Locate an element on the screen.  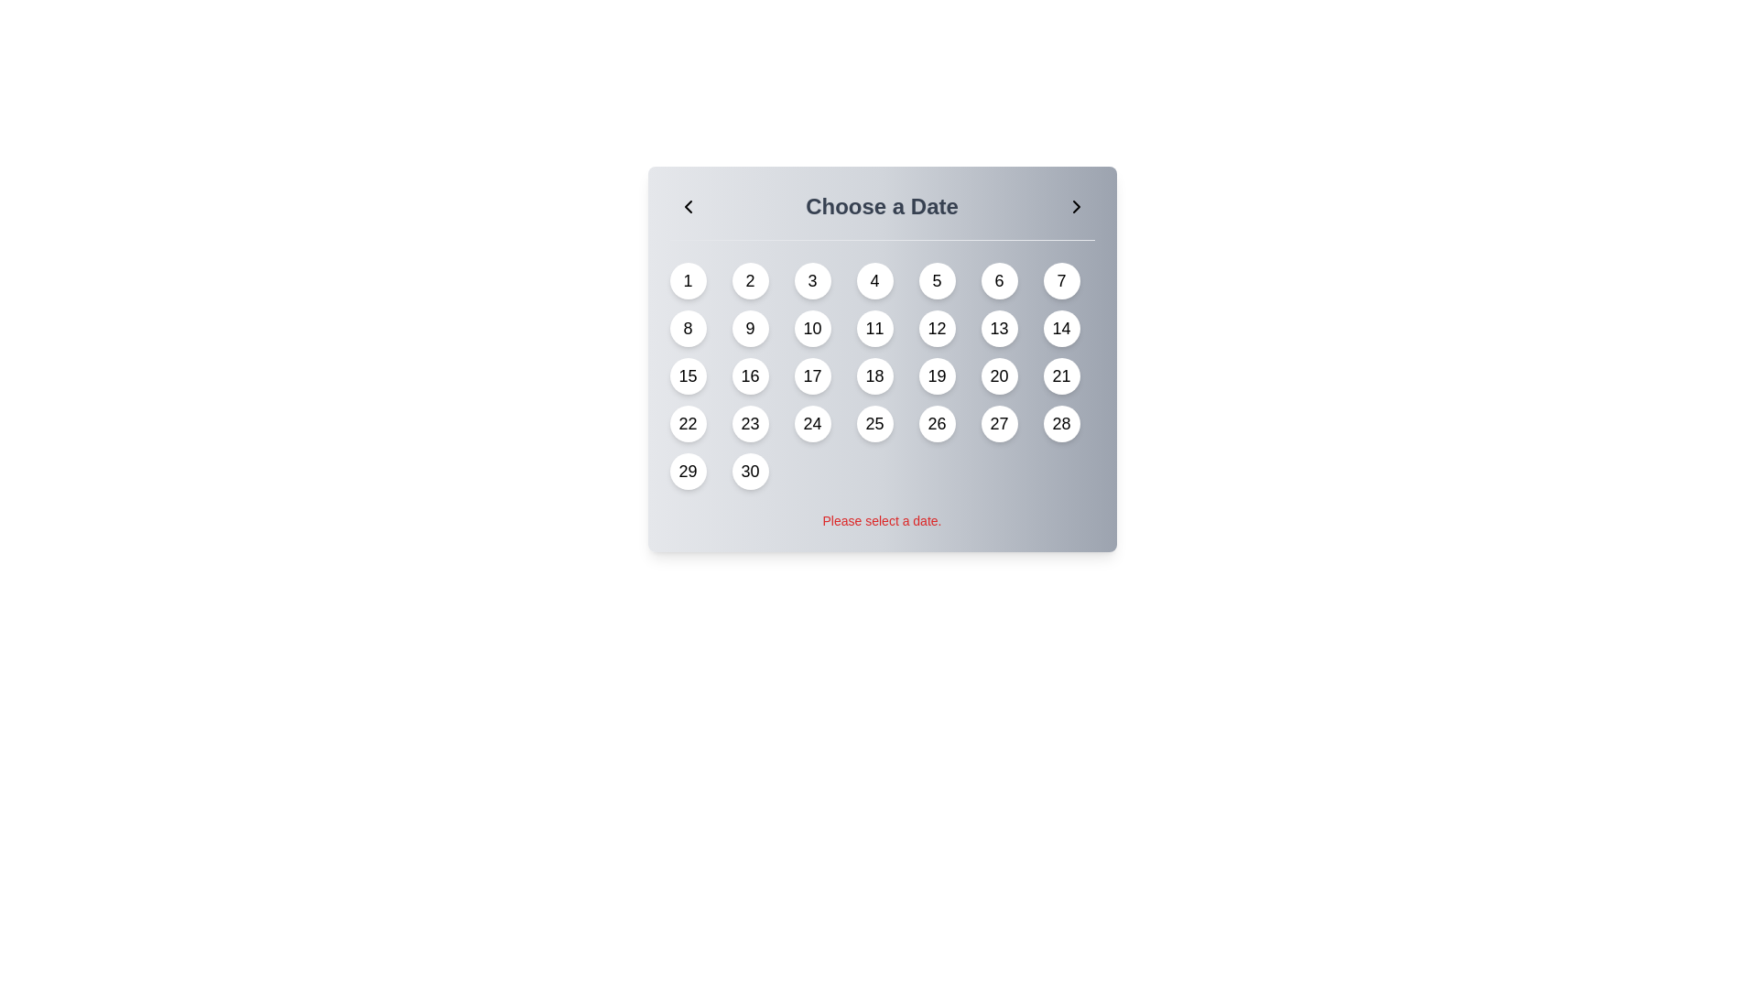
the button is located at coordinates (750, 375).